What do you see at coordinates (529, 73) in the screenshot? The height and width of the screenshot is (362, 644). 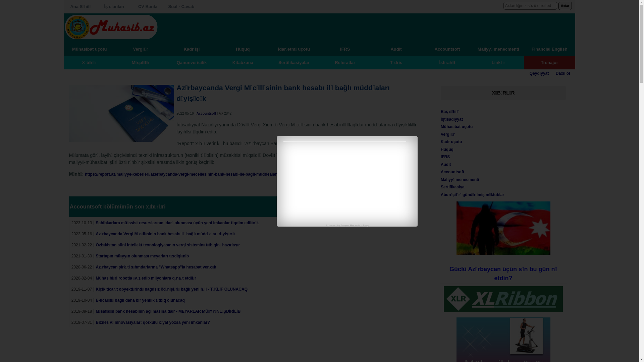 I see `'Qeydiyyat'` at bounding box center [529, 73].